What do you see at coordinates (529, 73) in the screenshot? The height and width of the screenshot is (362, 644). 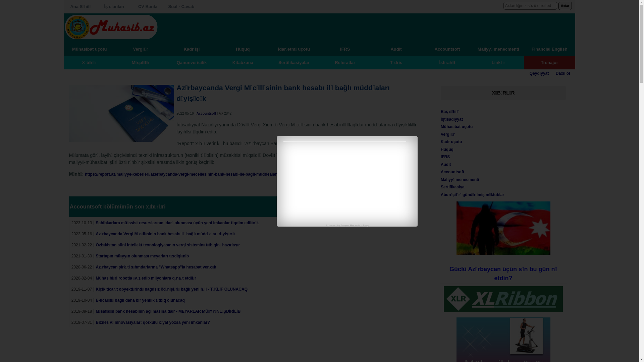 I see `'Qeydiyyat'` at bounding box center [529, 73].